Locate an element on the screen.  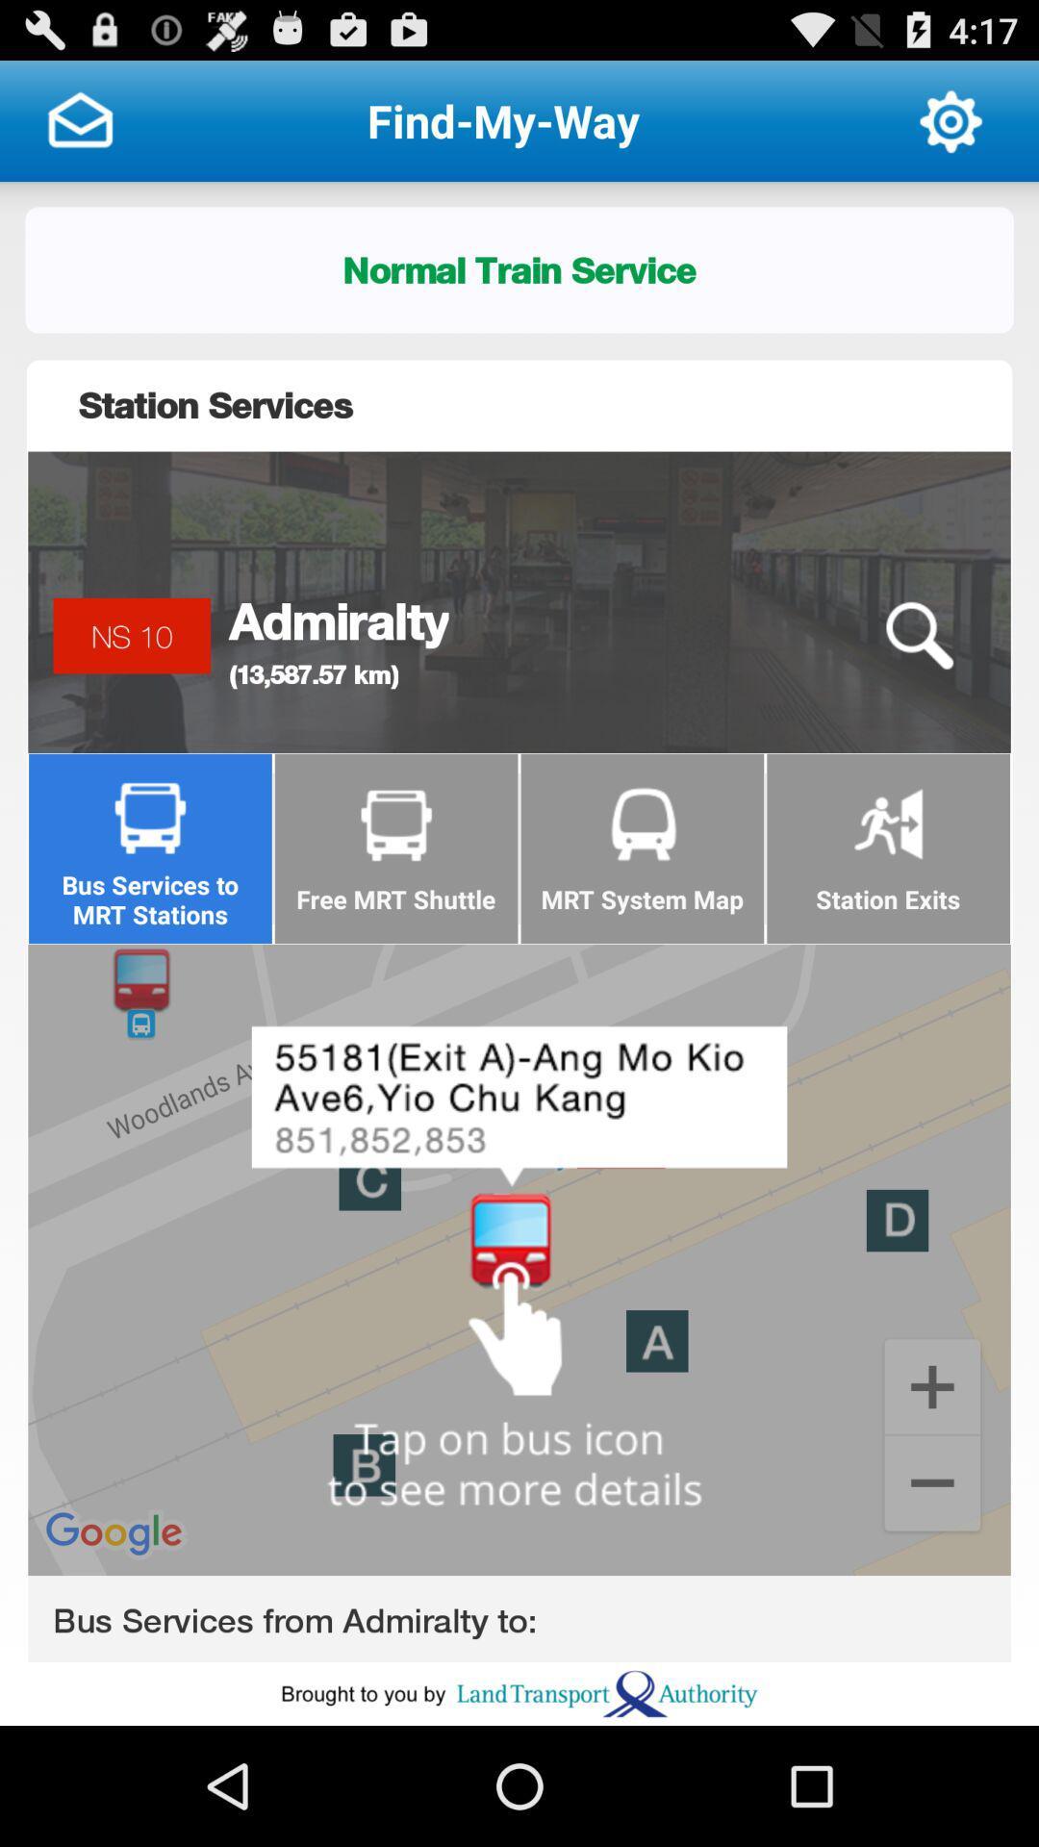
the search icon is located at coordinates (918, 680).